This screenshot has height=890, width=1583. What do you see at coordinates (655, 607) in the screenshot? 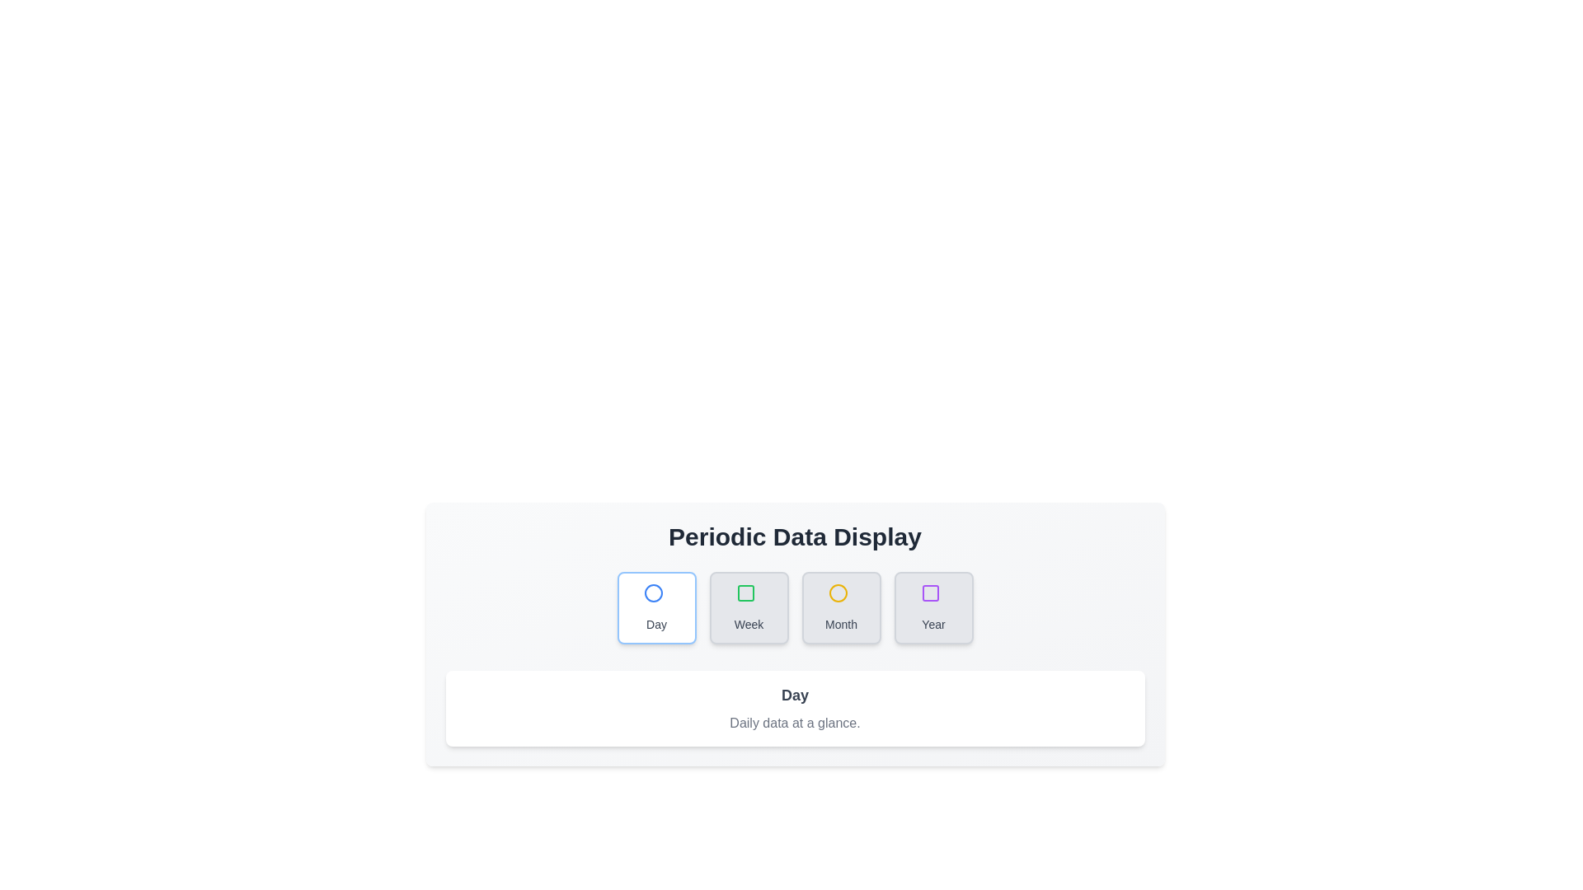
I see `the rectangular button with a white background and blue outline labeled 'Day'` at bounding box center [655, 607].